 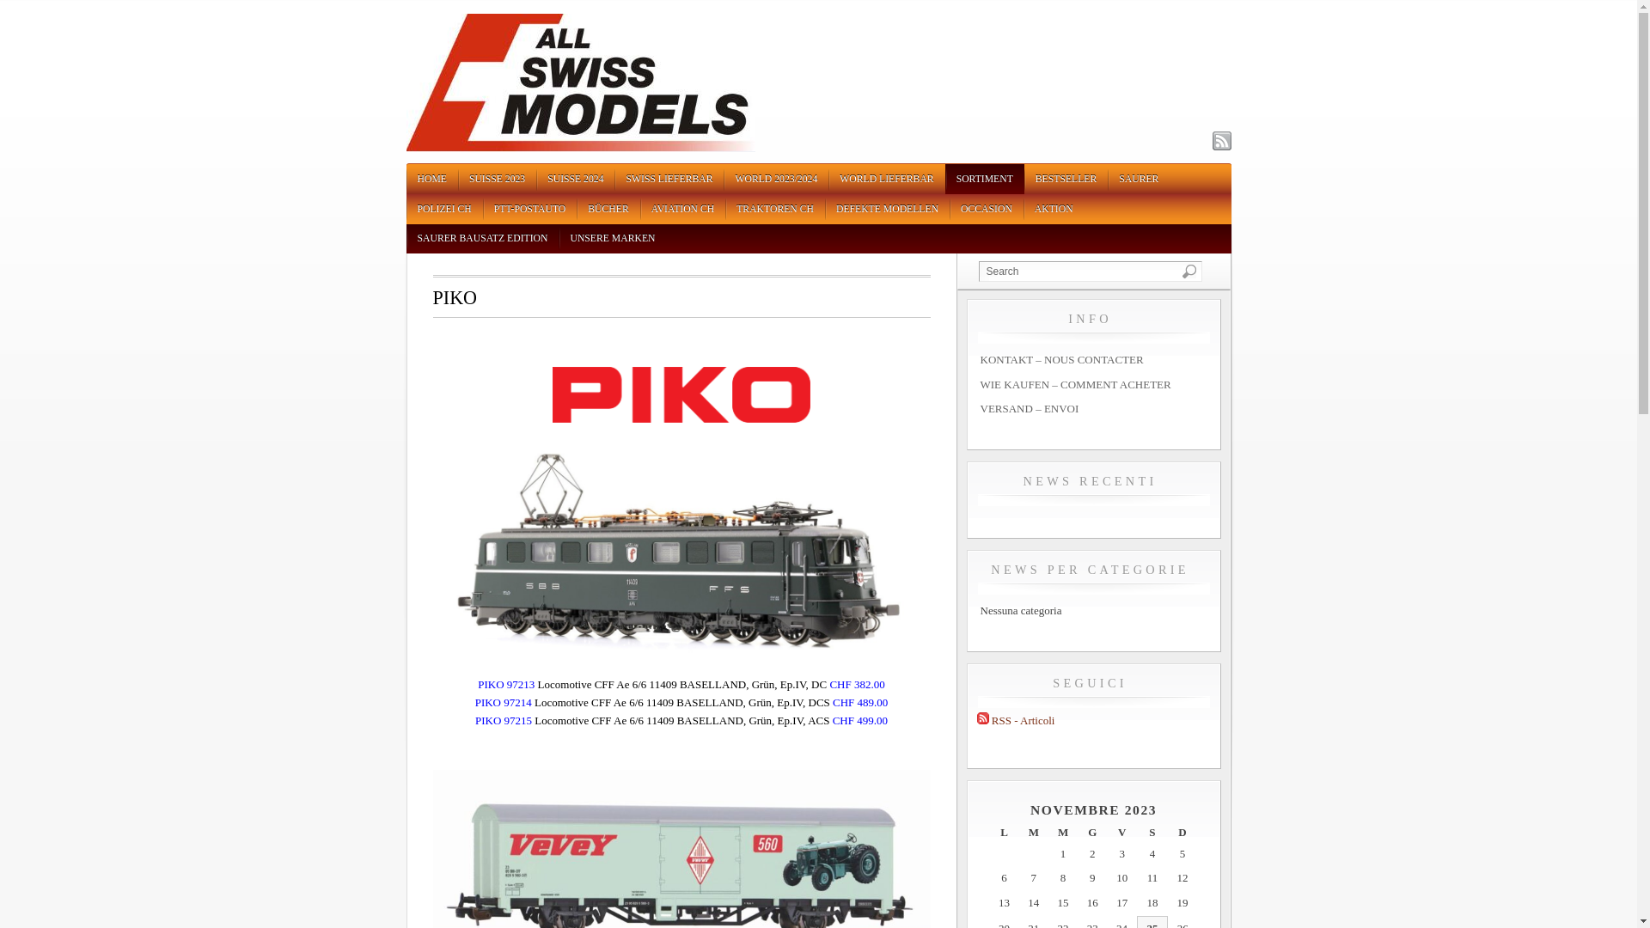 What do you see at coordinates (985, 179) in the screenshot?
I see `'SORTIMENT'` at bounding box center [985, 179].